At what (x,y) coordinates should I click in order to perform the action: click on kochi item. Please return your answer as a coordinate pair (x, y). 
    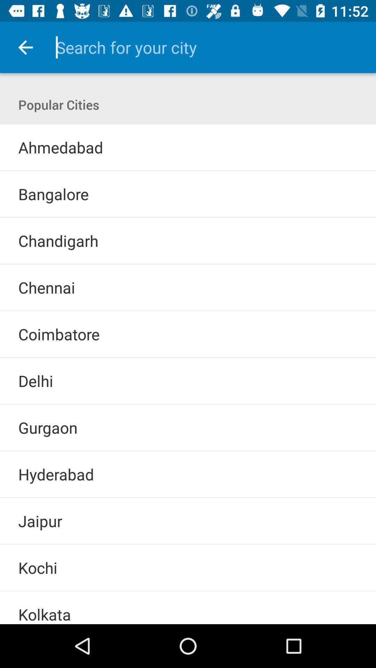
    Looking at the image, I should click on (38, 567).